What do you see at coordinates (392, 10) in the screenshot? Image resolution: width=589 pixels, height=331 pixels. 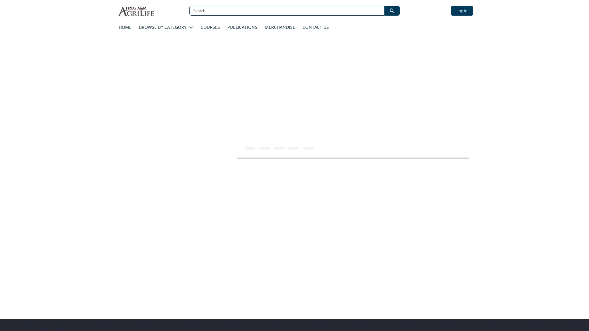 I see `Search` at bounding box center [392, 10].